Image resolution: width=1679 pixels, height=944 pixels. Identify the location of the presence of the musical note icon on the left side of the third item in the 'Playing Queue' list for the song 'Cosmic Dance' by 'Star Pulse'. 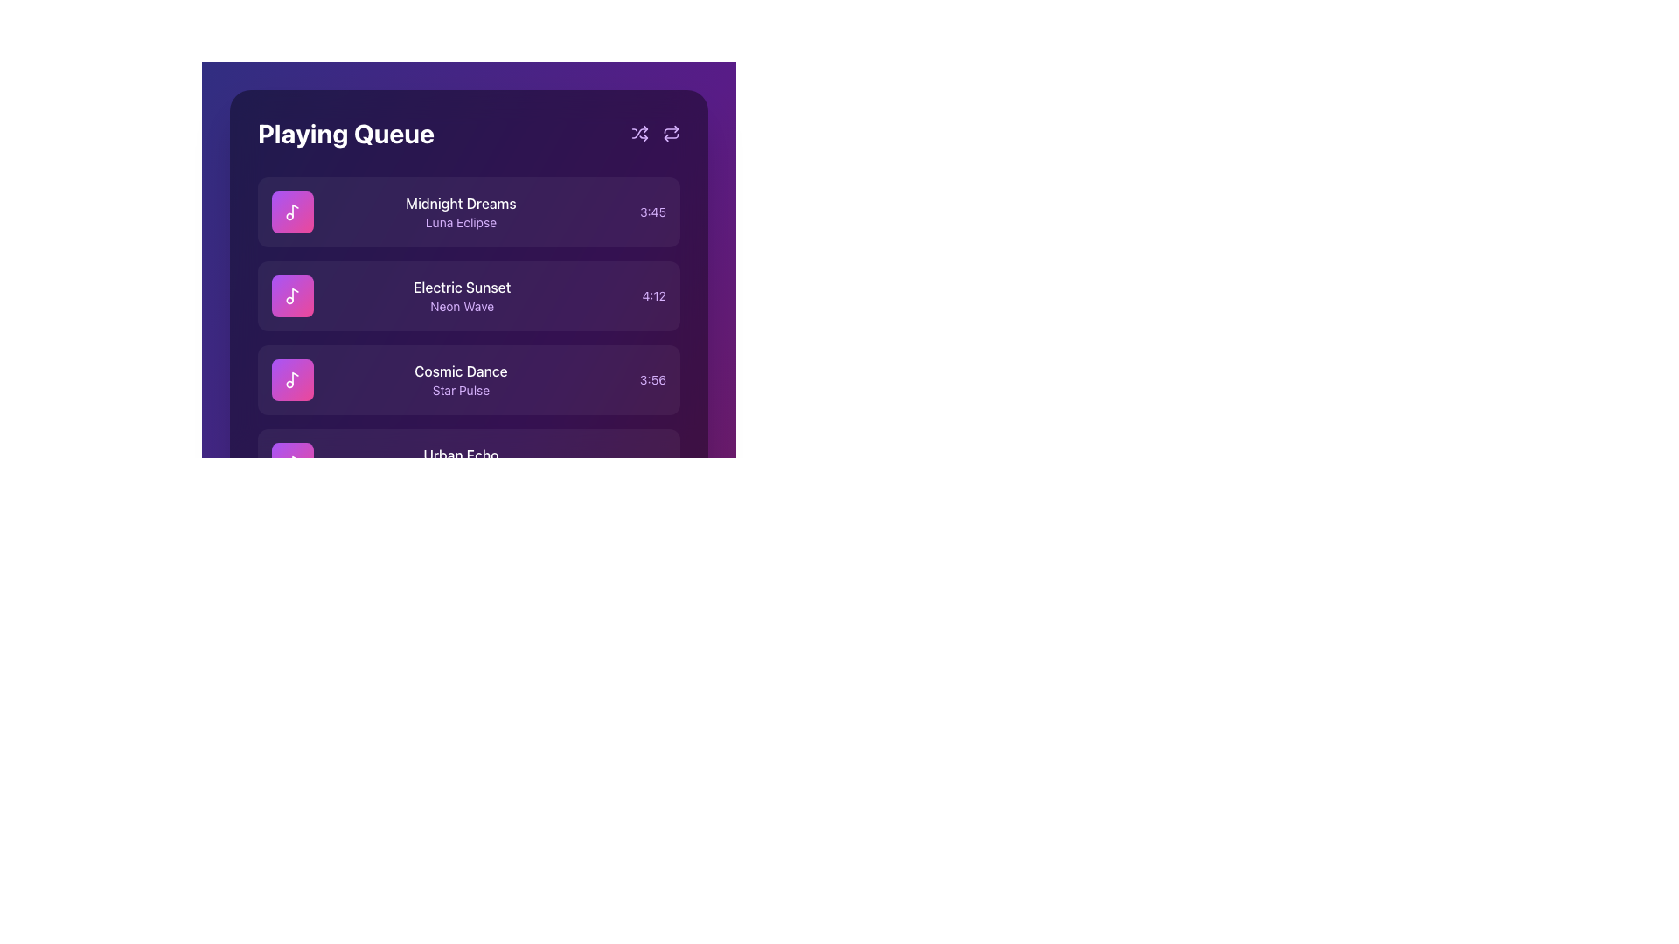
(293, 379).